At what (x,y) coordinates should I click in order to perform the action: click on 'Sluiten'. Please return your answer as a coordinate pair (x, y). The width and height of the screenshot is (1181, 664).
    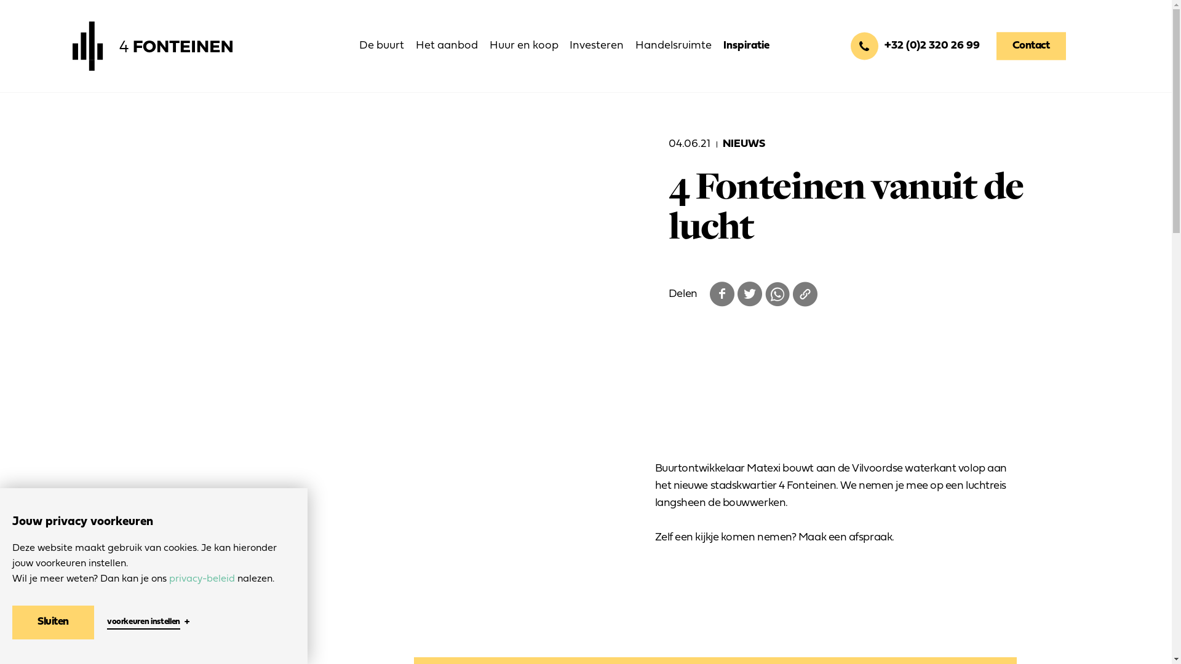
    Looking at the image, I should click on (52, 622).